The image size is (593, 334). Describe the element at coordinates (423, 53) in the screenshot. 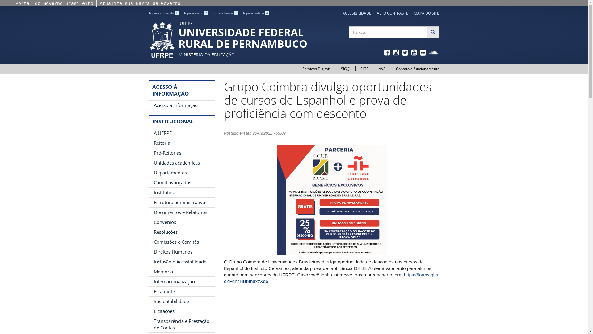

I see `' '` at that location.